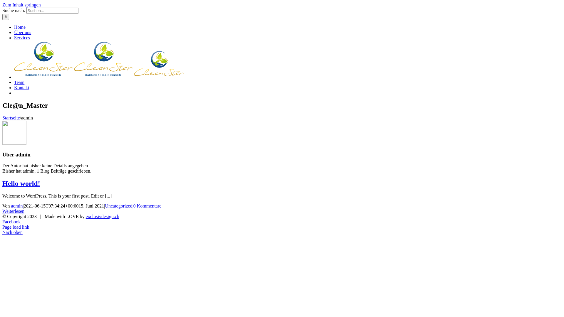  What do you see at coordinates (16, 227) in the screenshot?
I see `'Page load link'` at bounding box center [16, 227].